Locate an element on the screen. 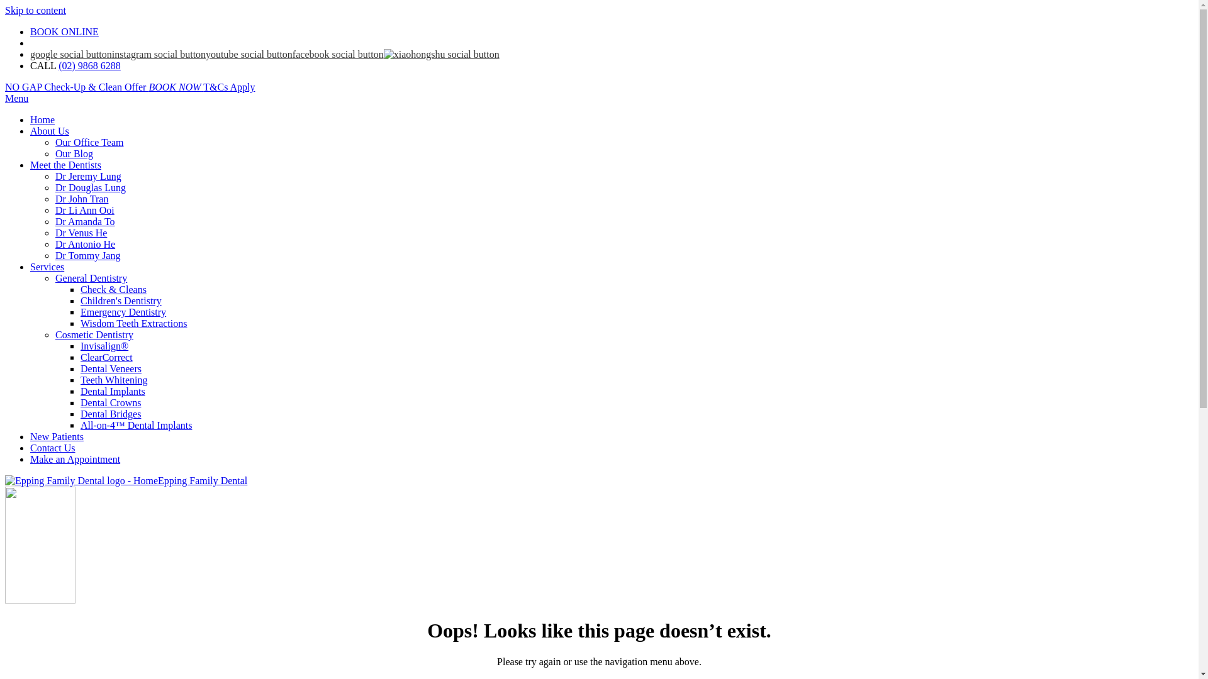  'Dental Veneers' is located at coordinates (111, 368).